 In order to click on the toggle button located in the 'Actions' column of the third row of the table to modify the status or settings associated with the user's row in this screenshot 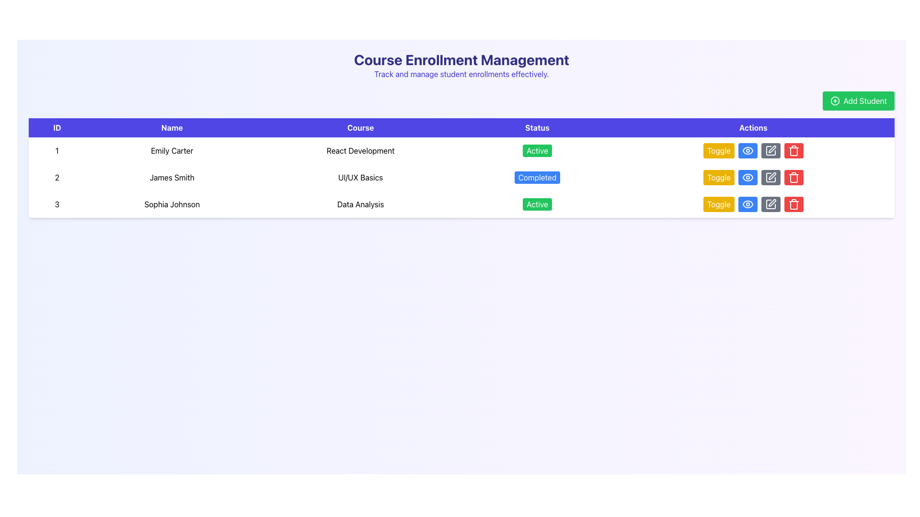, I will do `click(718, 204)`.